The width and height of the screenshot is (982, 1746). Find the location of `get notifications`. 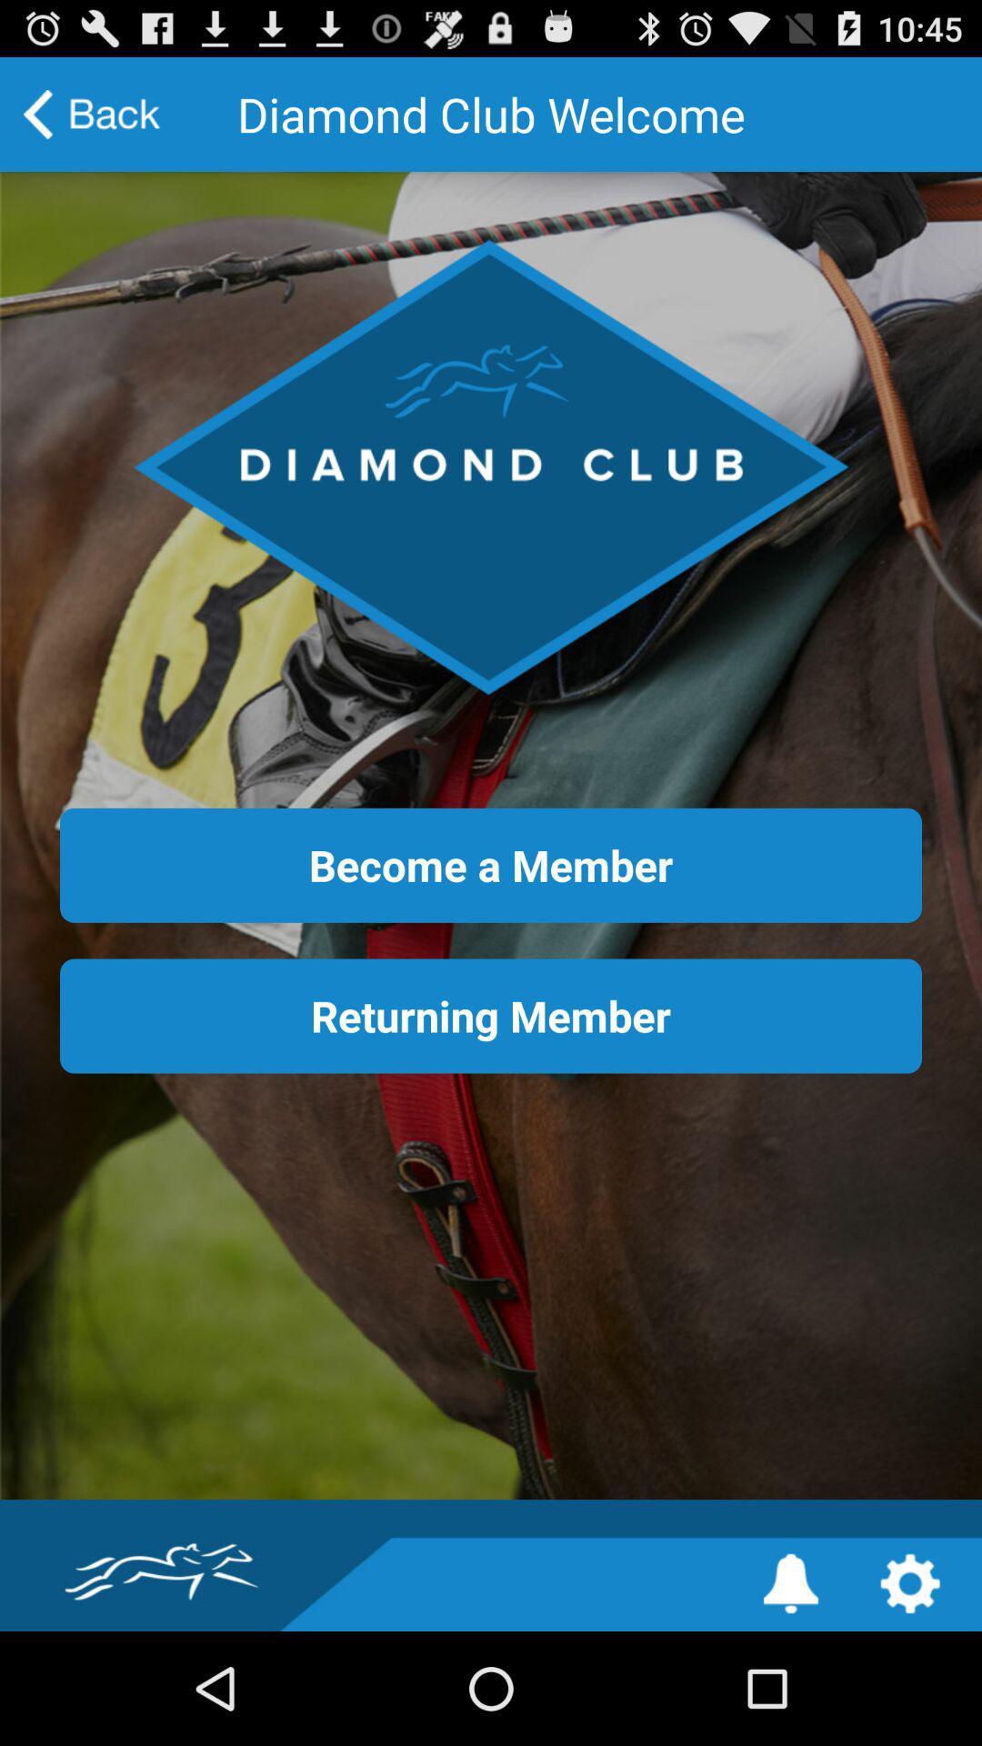

get notifications is located at coordinates (790, 1582).